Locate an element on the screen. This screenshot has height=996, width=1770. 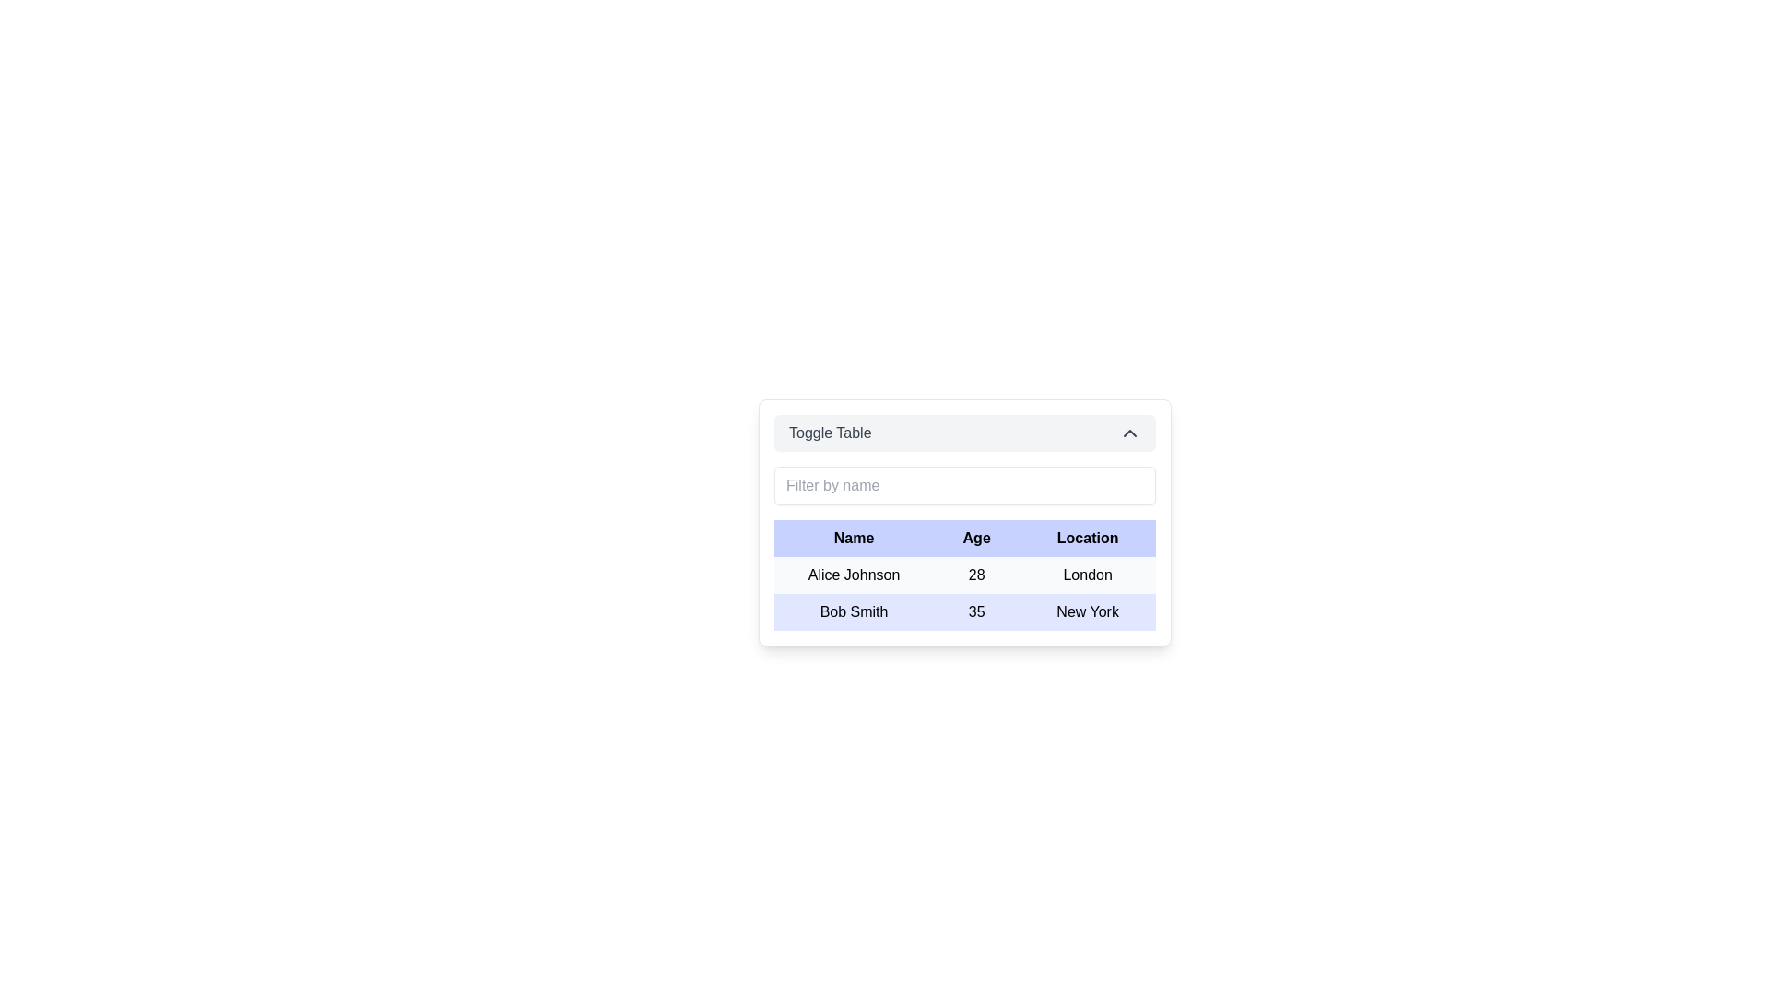
the toggle button located above the input field and table is located at coordinates (963, 433).